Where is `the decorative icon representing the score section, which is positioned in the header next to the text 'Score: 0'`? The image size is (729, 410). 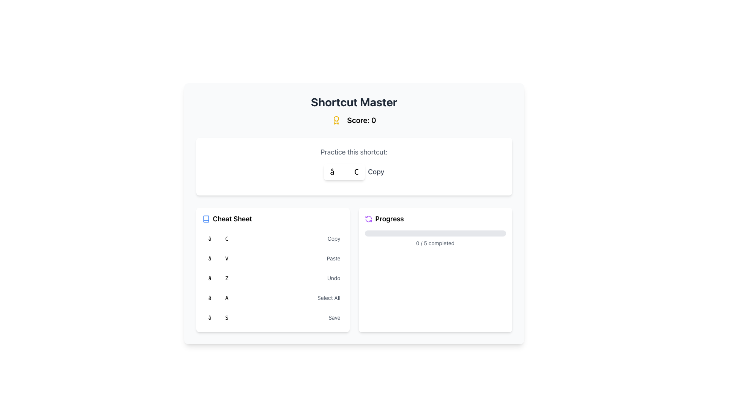 the decorative icon representing the score section, which is positioned in the header next to the text 'Score: 0' is located at coordinates (336, 120).